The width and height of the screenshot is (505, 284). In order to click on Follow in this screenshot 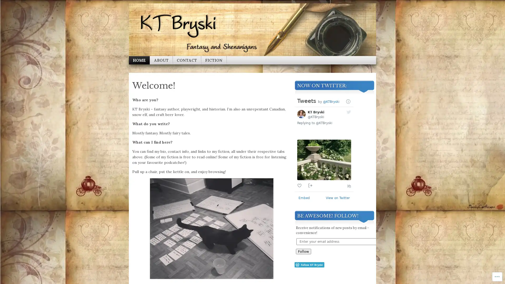, I will do `click(303, 251)`.